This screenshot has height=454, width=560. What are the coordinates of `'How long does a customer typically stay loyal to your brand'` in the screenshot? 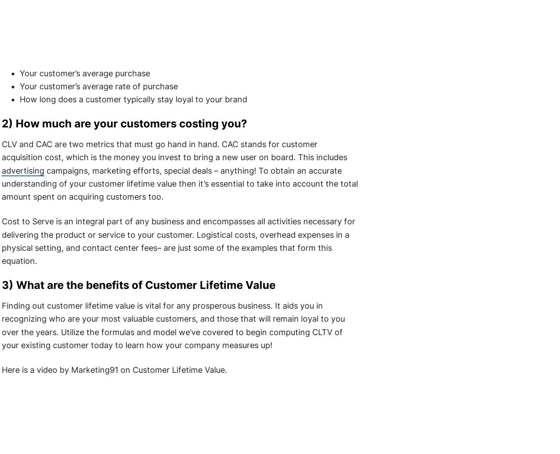 It's located at (19, 99).